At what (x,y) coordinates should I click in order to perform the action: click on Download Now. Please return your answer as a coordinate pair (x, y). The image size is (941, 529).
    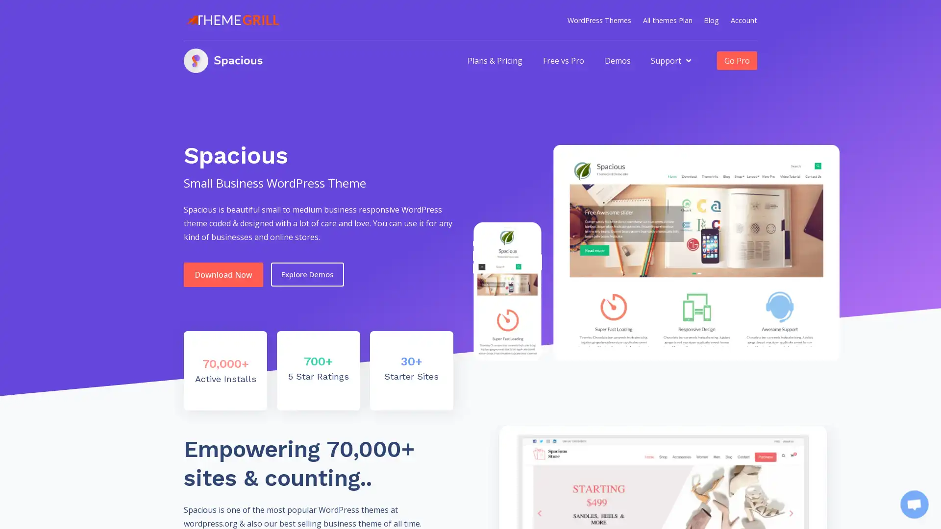
    Looking at the image, I should click on (223, 274).